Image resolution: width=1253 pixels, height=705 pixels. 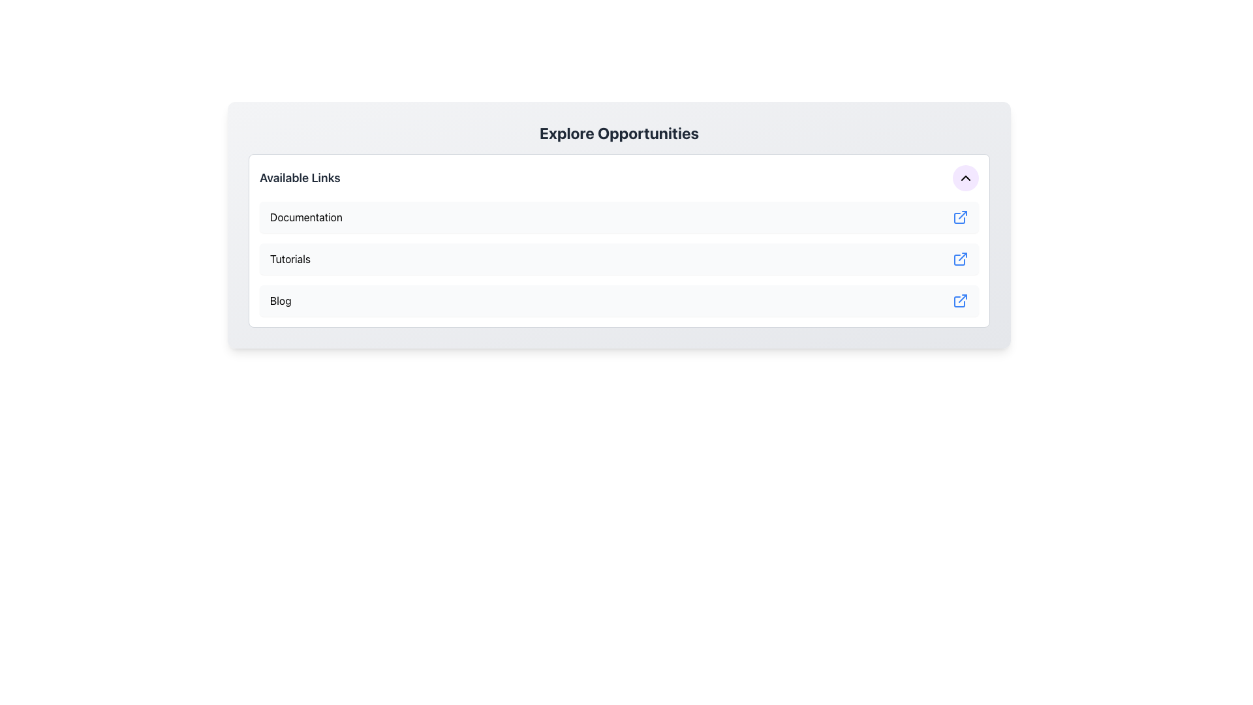 I want to click on the 'Tutorials' button, which is the middle item in a stacked group of three navigational buttons, to change its appearance, so click(x=619, y=259).